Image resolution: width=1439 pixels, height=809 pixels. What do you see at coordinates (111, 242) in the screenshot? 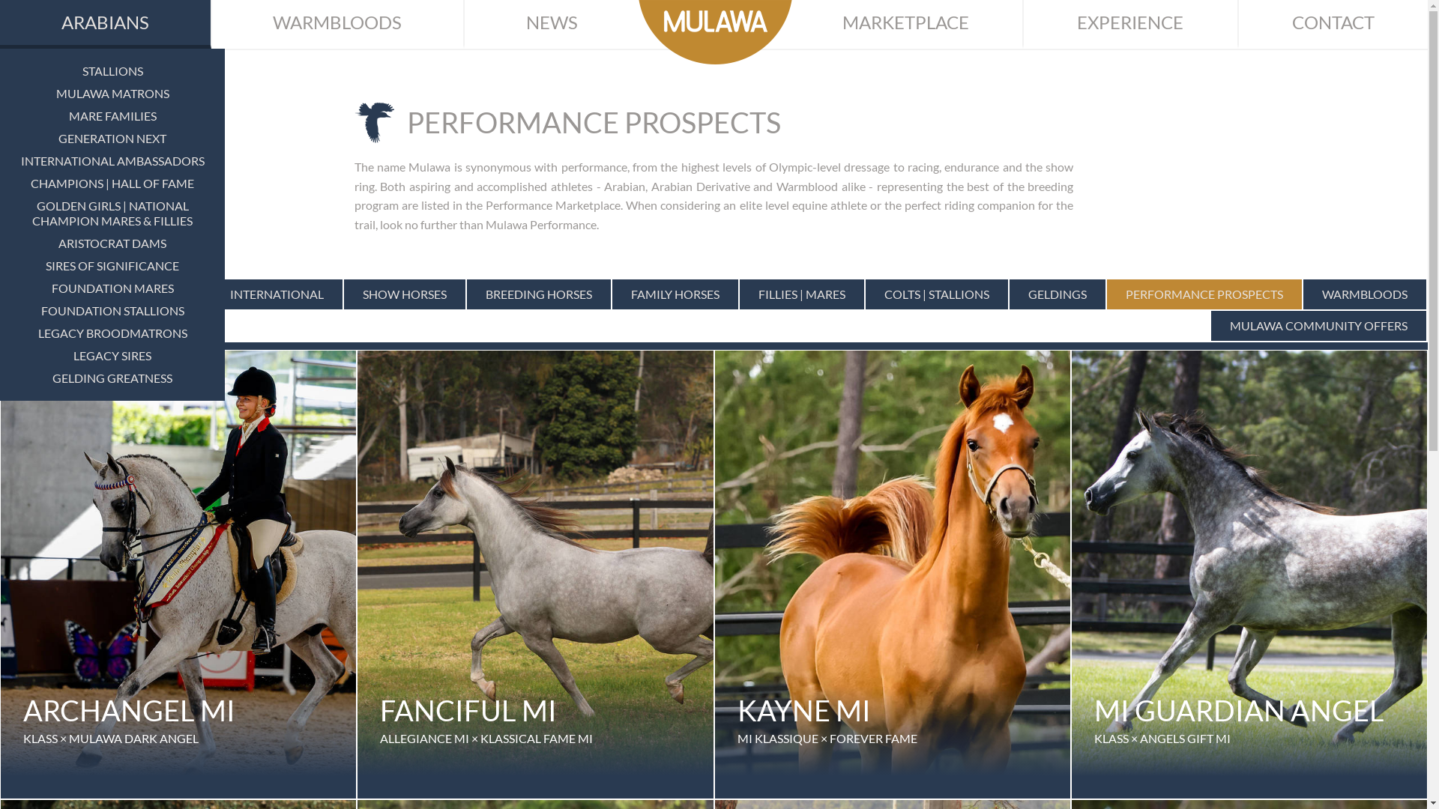
I see `'ARISTOCRAT DAMS'` at bounding box center [111, 242].